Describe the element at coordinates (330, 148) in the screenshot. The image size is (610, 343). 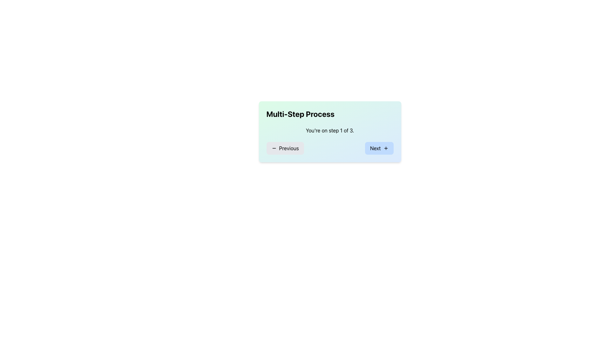
I see `the button group for the multi-step process to observe hover effects on the 'Previous' and 'Next' buttons` at that location.